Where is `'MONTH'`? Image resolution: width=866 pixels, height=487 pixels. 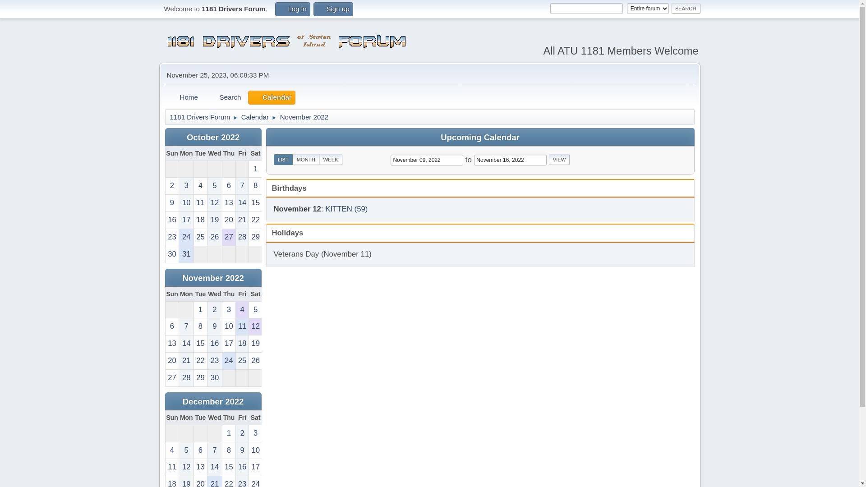
'MONTH' is located at coordinates (306, 159).